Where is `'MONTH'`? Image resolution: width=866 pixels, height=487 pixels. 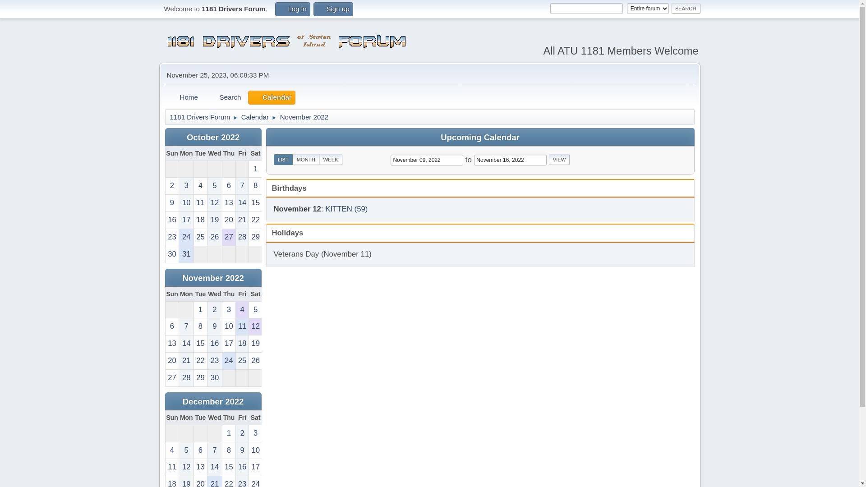
'MONTH' is located at coordinates (306, 159).